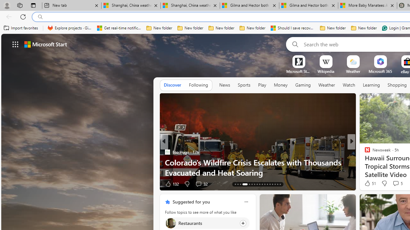 The width and height of the screenshot is (410, 230). I want to click on '38 Like', so click(368, 184).